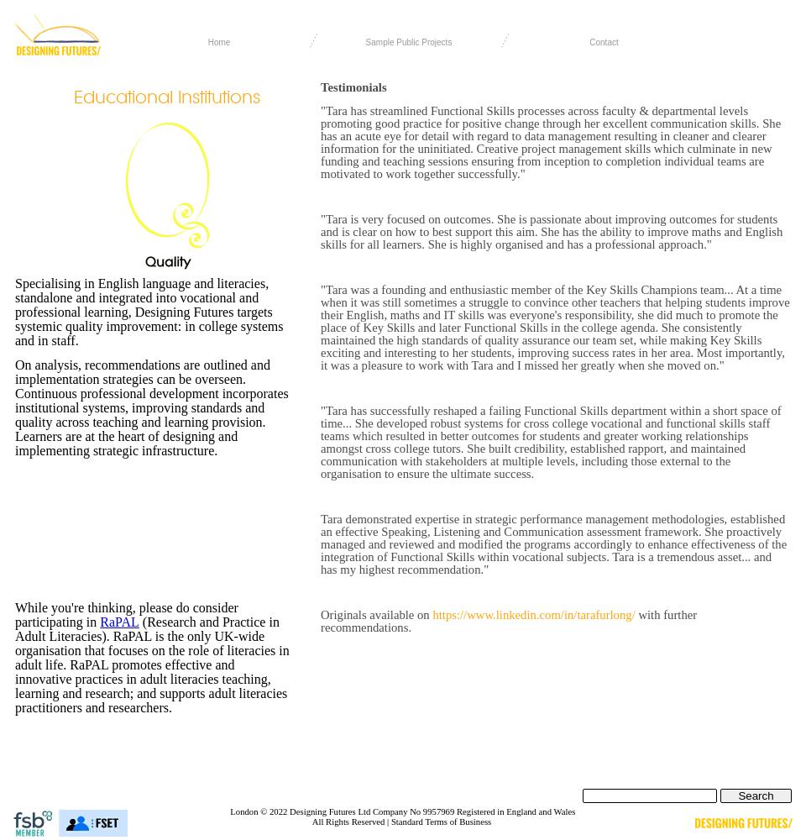  I want to click on 'Specialising in English language and literacies, standalone and integrated into vocational and professional learning, Designing Futures targets systemic quality improvement: in college systems and in staff.', so click(148, 311).